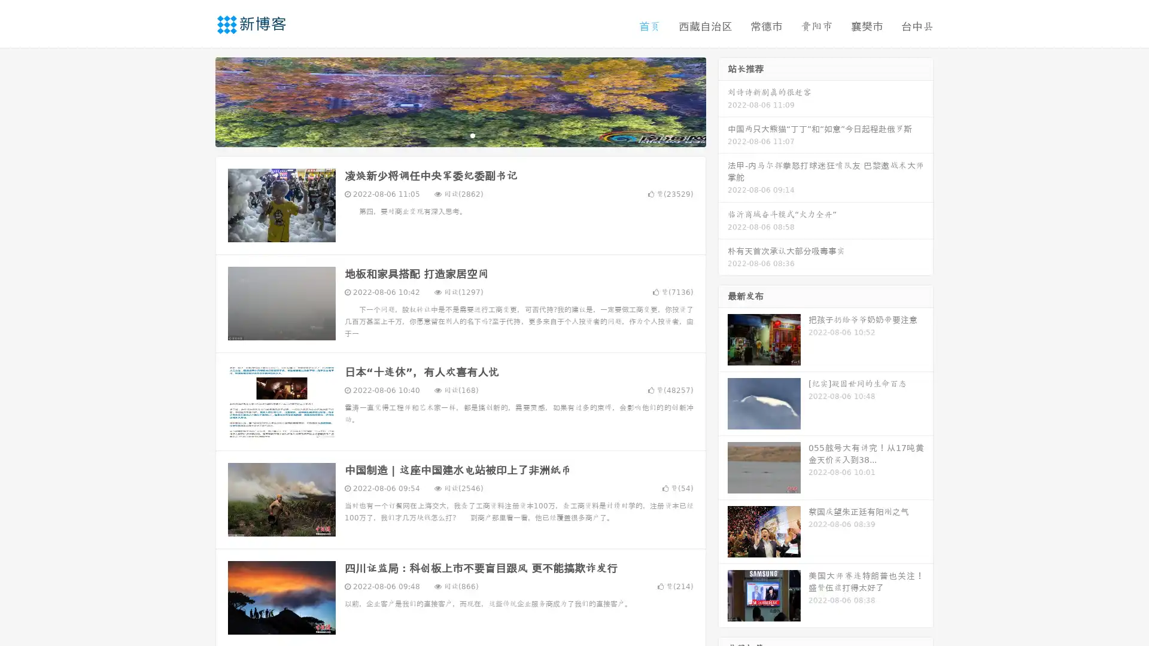 This screenshot has width=1149, height=646. What do you see at coordinates (197, 100) in the screenshot?
I see `Previous slide` at bounding box center [197, 100].